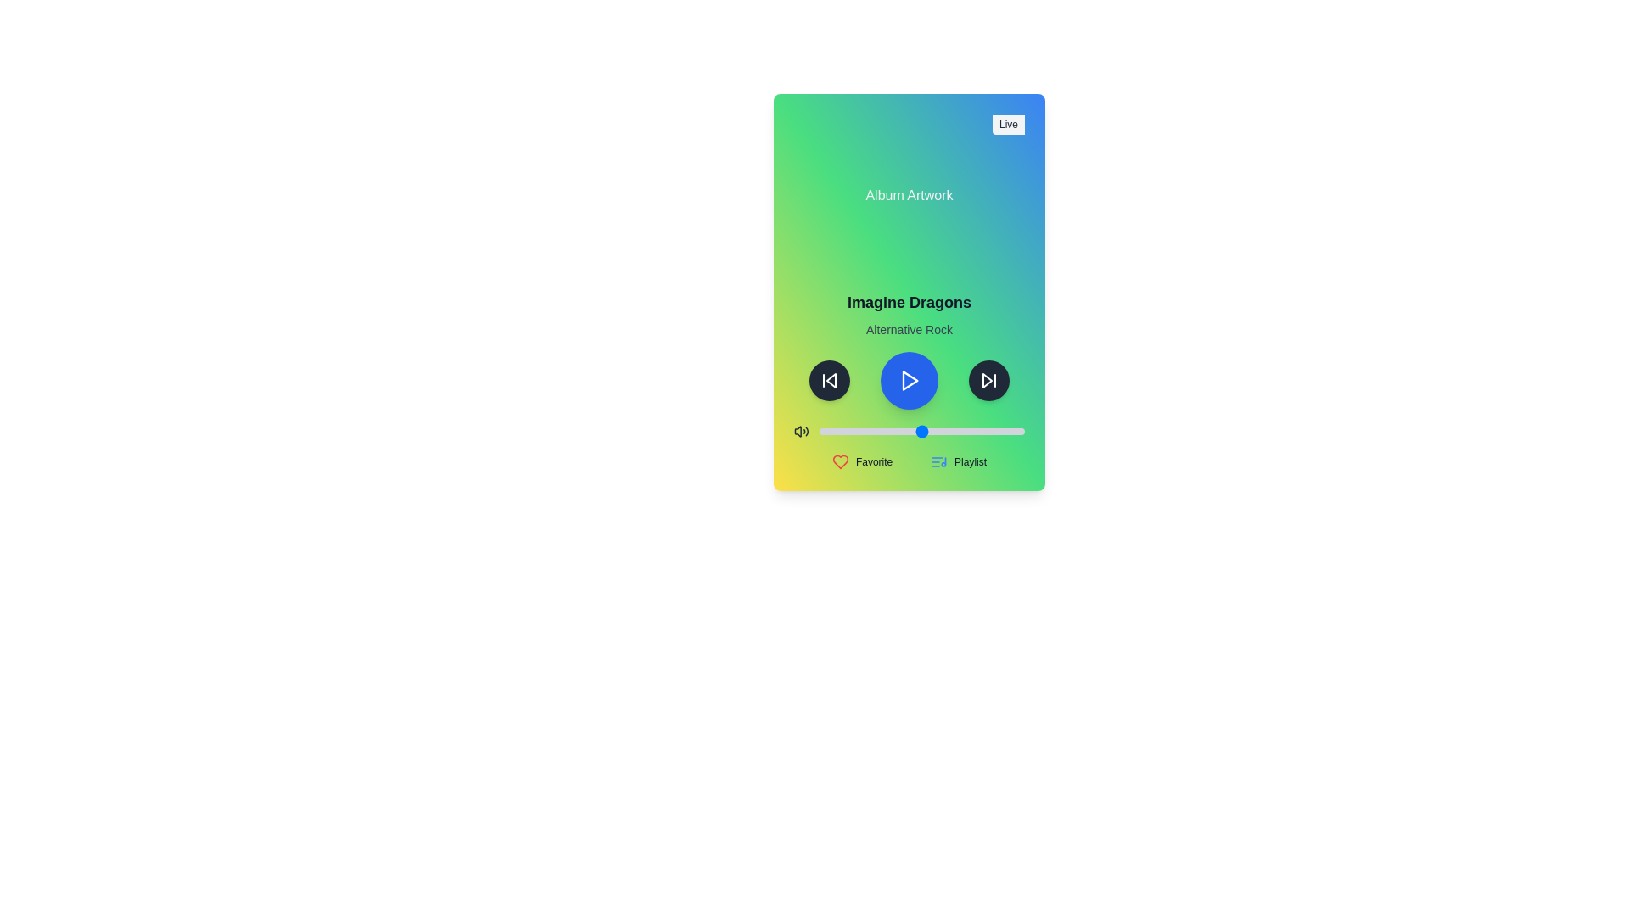  I want to click on the leftward-pointing polygonal arrow icon button to skip backward in the media controls, so click(831, 379).